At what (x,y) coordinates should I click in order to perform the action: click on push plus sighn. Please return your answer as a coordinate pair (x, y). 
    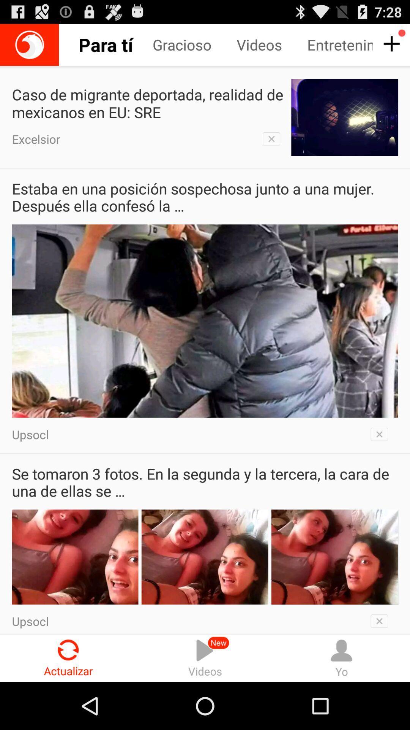
    Looking at the image, I should click on (390, 44).